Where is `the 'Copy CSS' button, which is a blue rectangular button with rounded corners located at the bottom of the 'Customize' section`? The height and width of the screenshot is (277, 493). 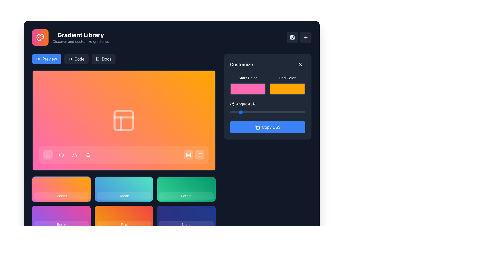
the 'Copy CSS' button, which is a blue rectangular button with rounded corners located at the bottom of the 'Customize' section is located at coordinates (267, 127).